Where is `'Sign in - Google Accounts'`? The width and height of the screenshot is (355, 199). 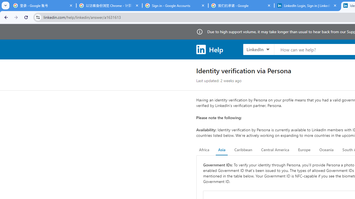
'Sign in - Google Accounts' is located at coordinates (175, 6).